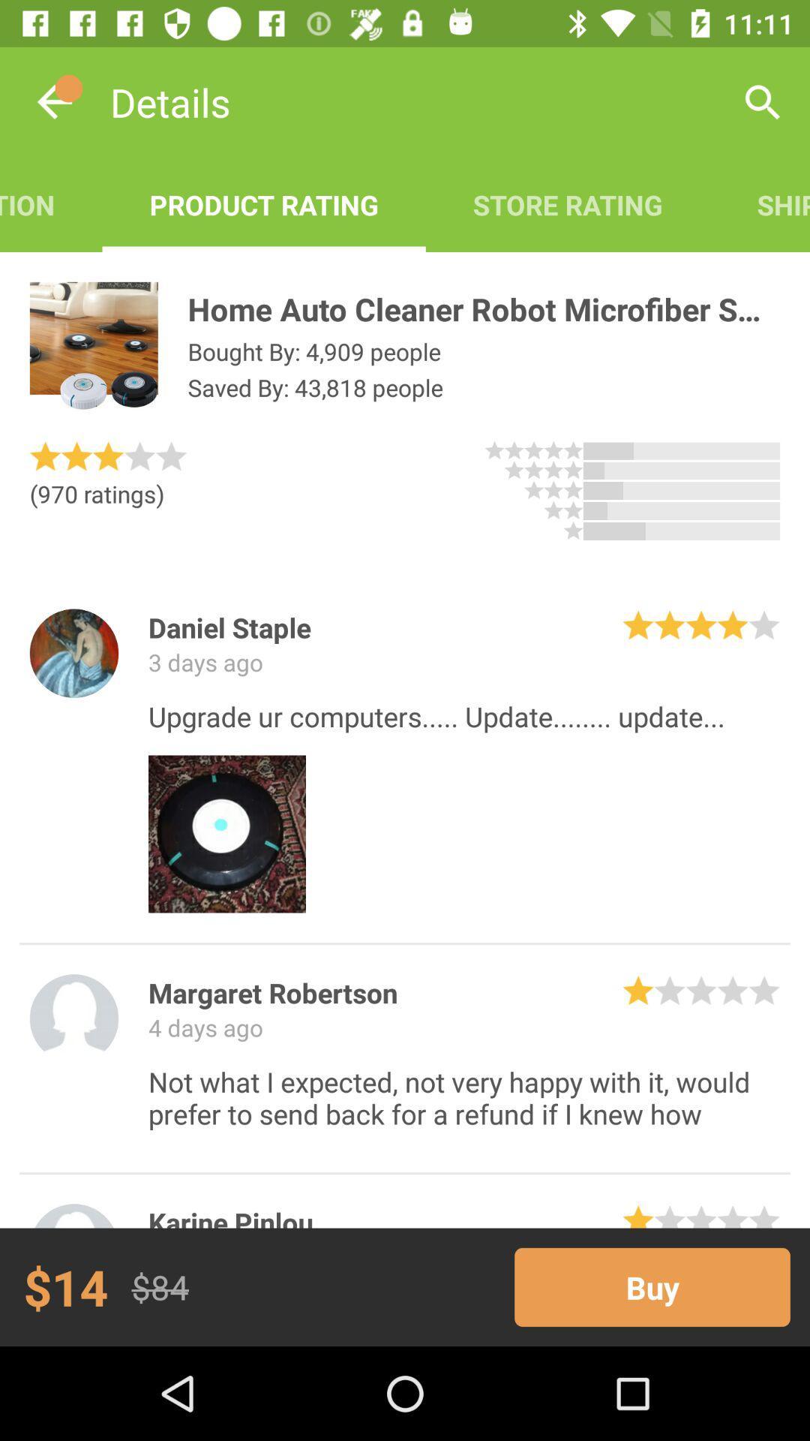  Describe the element at coordinates (54, 101) in the screenshot. I see `the item next to the details item` at that location.